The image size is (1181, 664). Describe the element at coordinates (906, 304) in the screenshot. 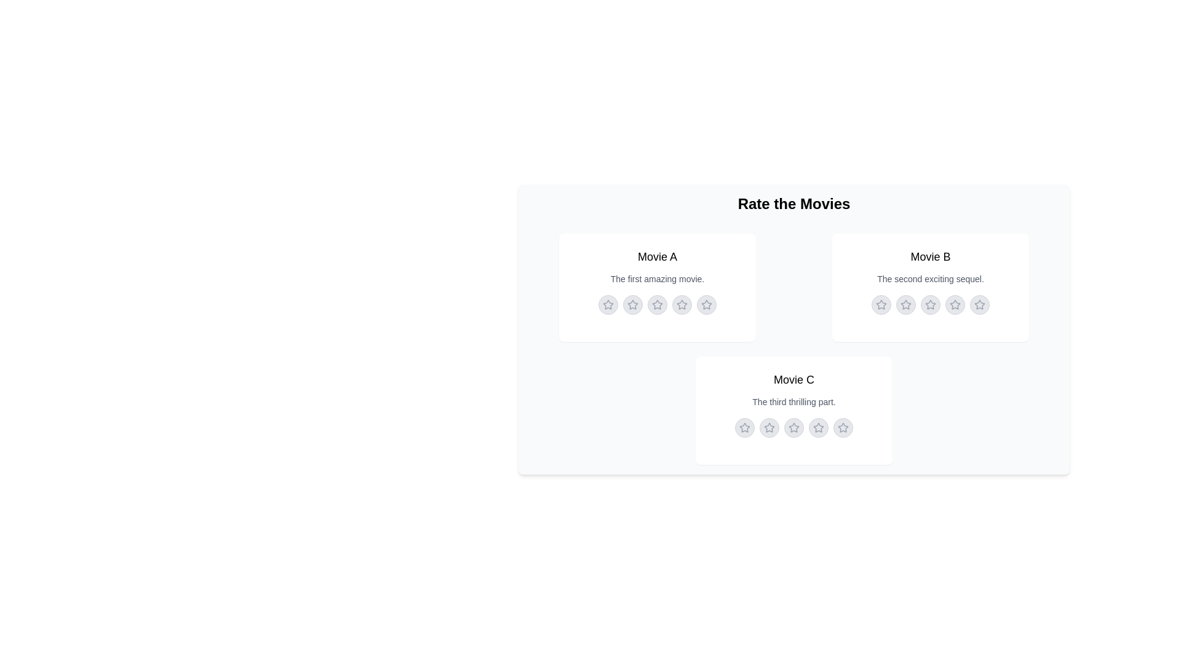

I see `the second clickable rating star for 'Movie B'` at that location.